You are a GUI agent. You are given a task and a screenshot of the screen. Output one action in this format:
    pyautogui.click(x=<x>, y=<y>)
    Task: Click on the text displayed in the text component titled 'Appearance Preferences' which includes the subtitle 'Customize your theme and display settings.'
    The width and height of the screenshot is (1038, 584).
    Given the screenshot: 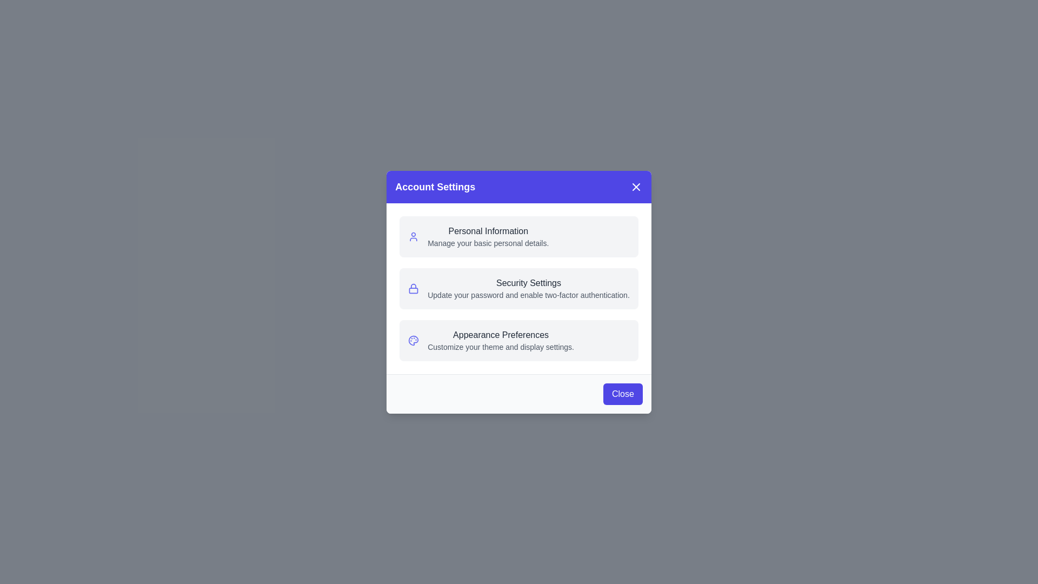 What is the action you would take?
    pyautogui.click(x=500, y=340)
    